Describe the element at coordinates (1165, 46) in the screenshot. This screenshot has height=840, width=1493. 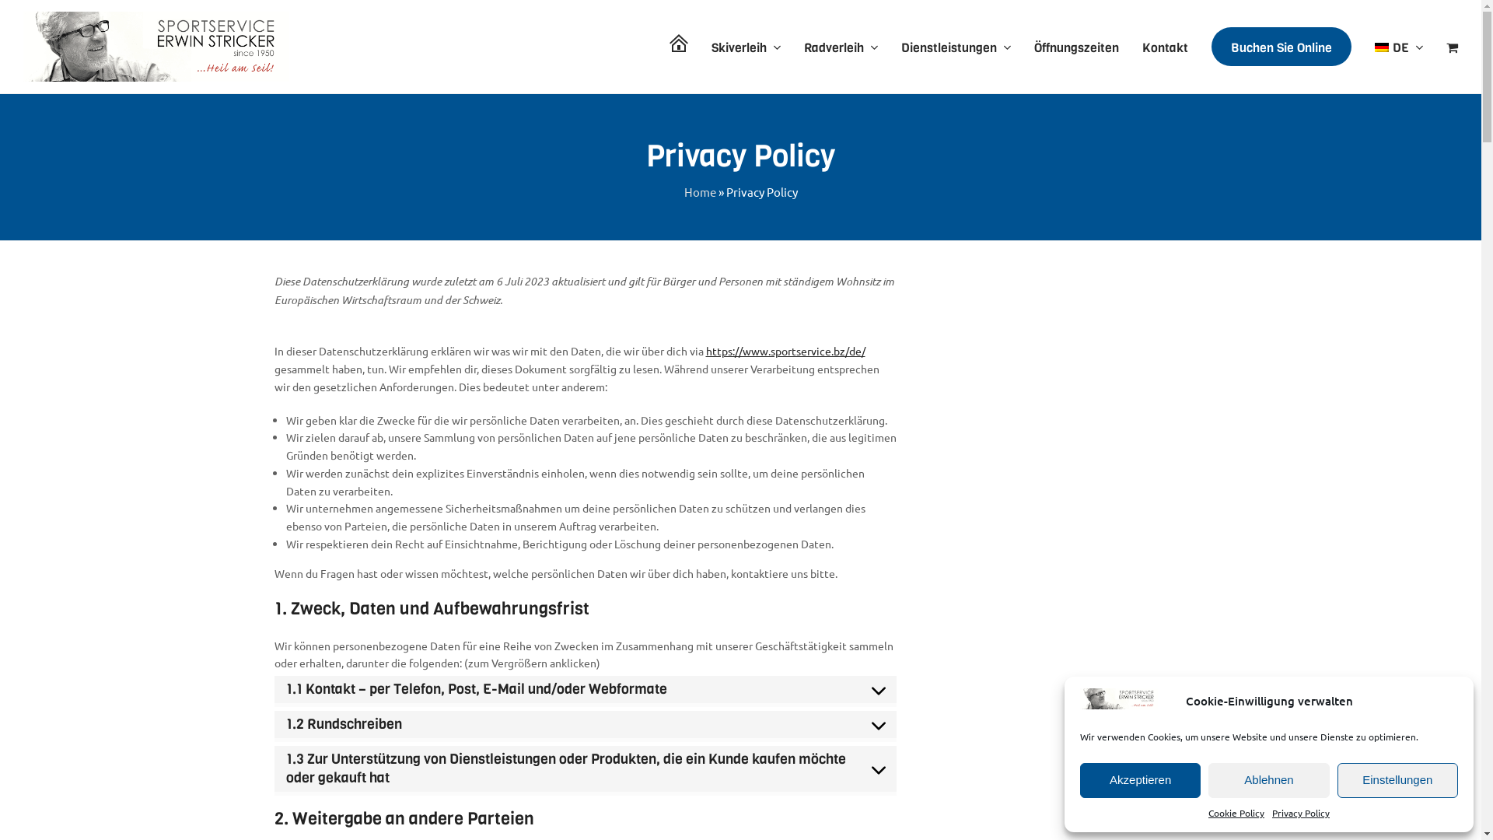
I see `'Kontakt'` at that location.